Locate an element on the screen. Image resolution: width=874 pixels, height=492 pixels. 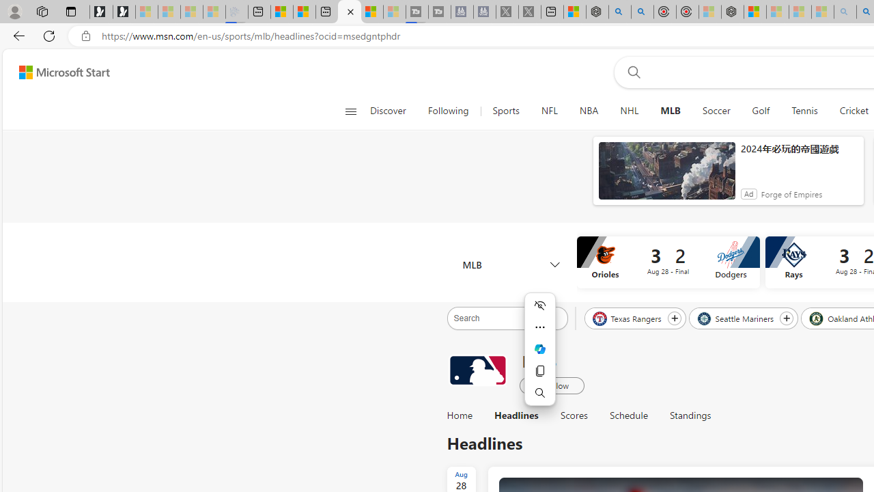
'Cricket' is located at coordinates (854, 111).